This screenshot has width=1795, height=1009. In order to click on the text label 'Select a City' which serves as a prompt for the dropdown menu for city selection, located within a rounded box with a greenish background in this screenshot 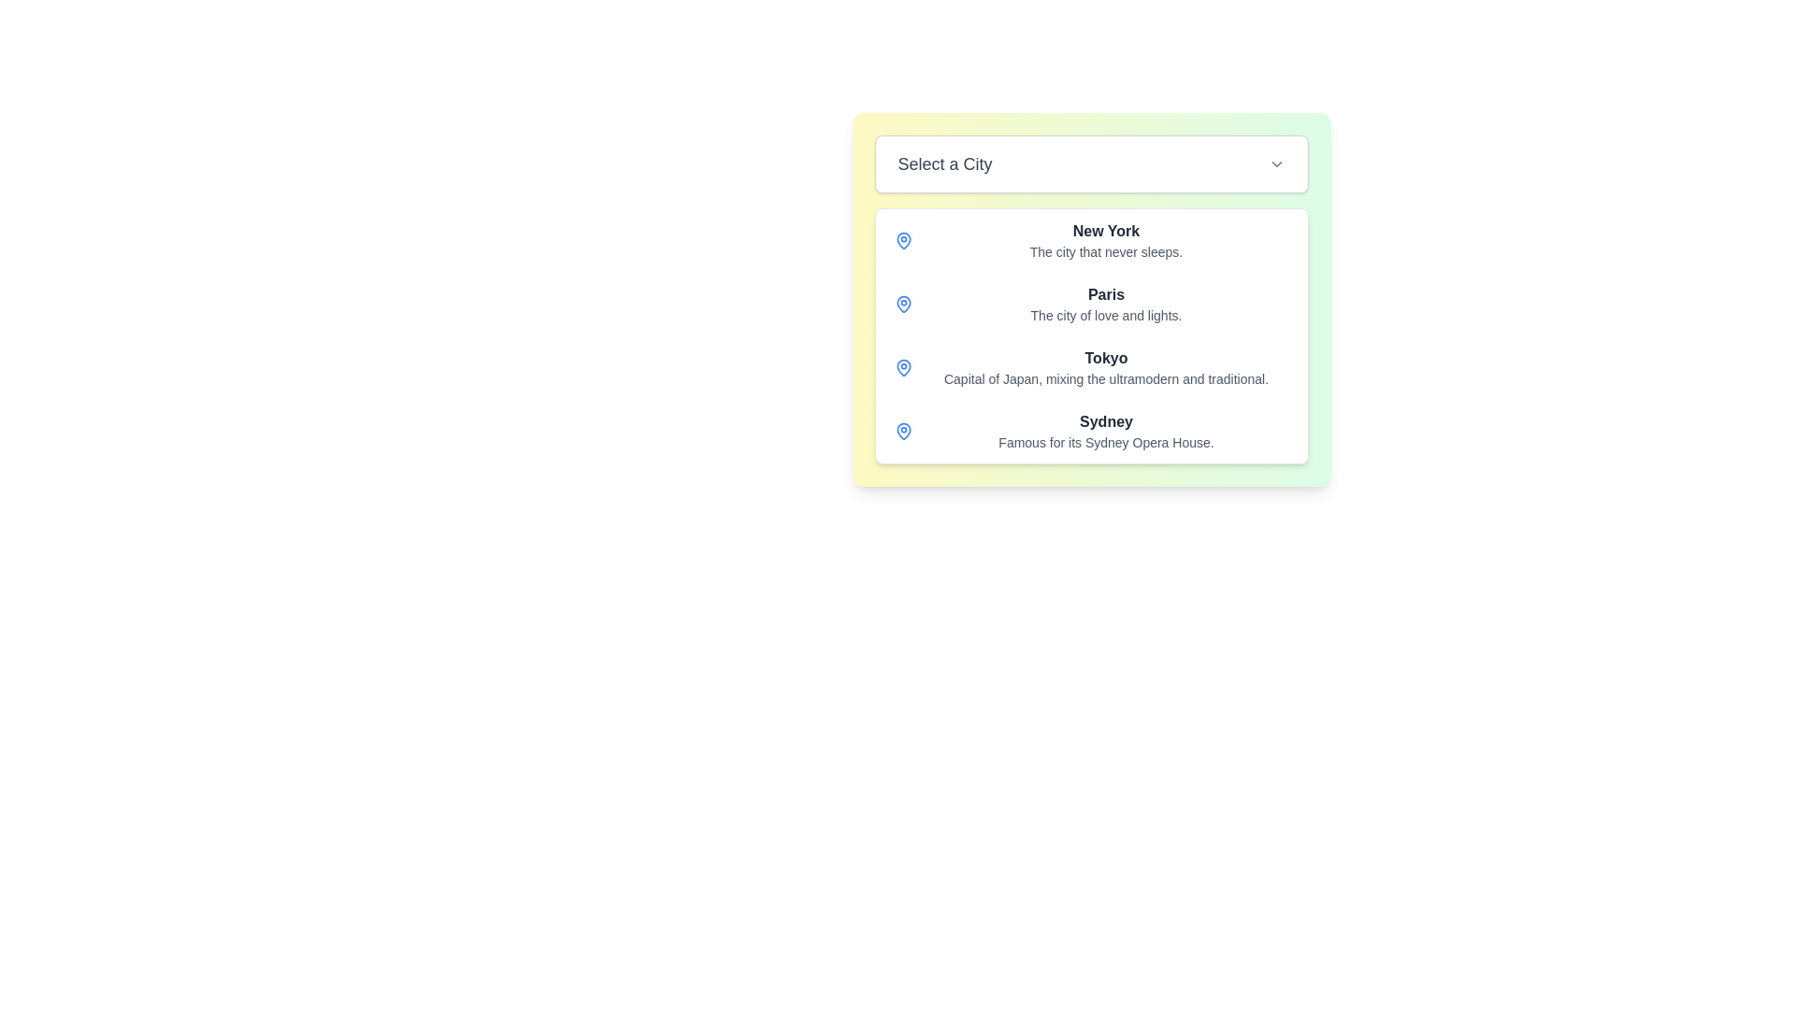, I will do `click(945, 163)`.